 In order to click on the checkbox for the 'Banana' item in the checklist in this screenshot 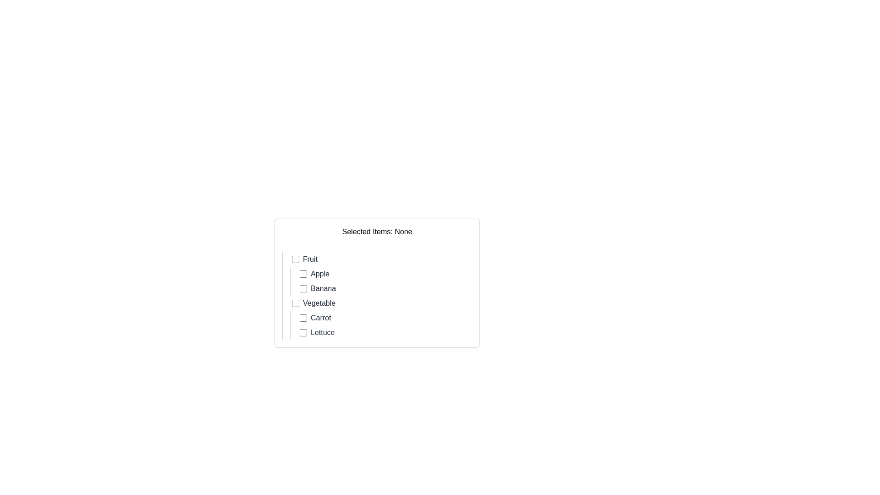, I will do `click(381, 288)`.